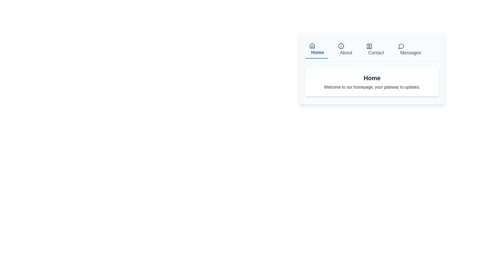 This screenshot has height=274, width=487. I want to click on the tab labeled Home, so click(316, 50).